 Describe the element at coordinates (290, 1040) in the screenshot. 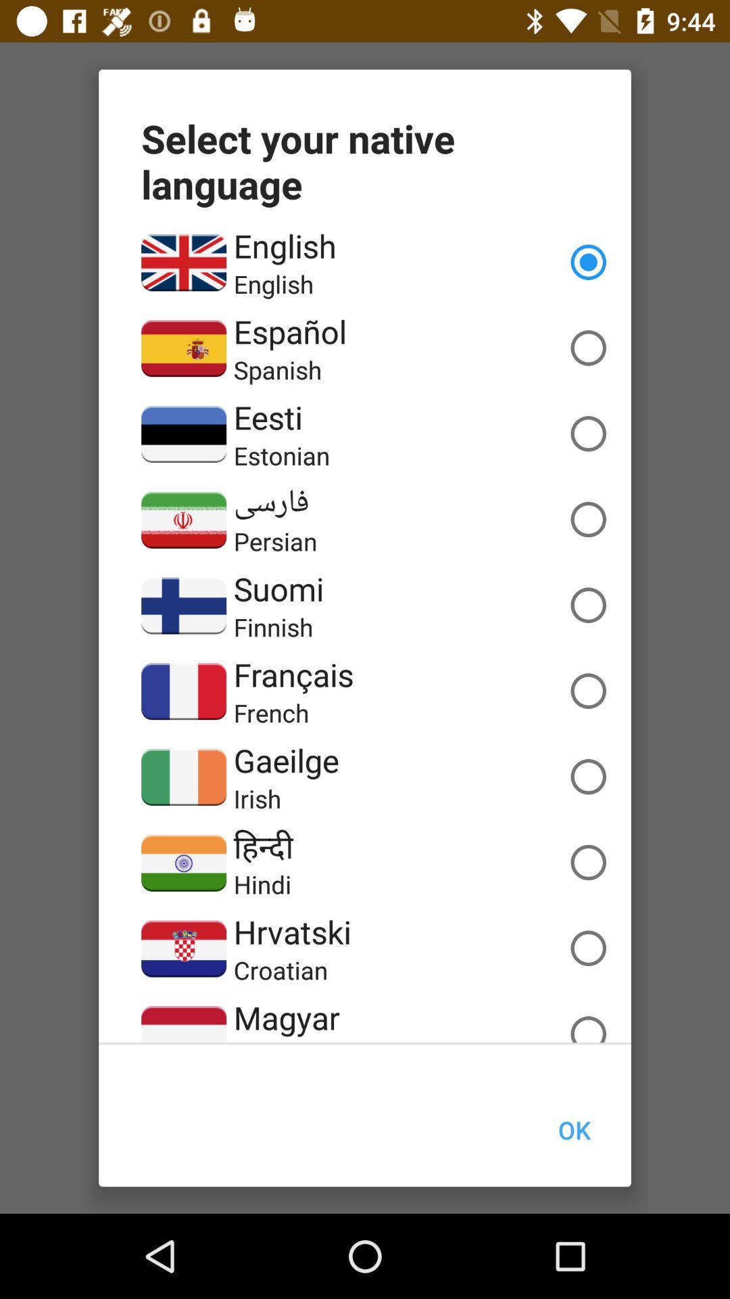

I see `app below the magyar item` at that location.